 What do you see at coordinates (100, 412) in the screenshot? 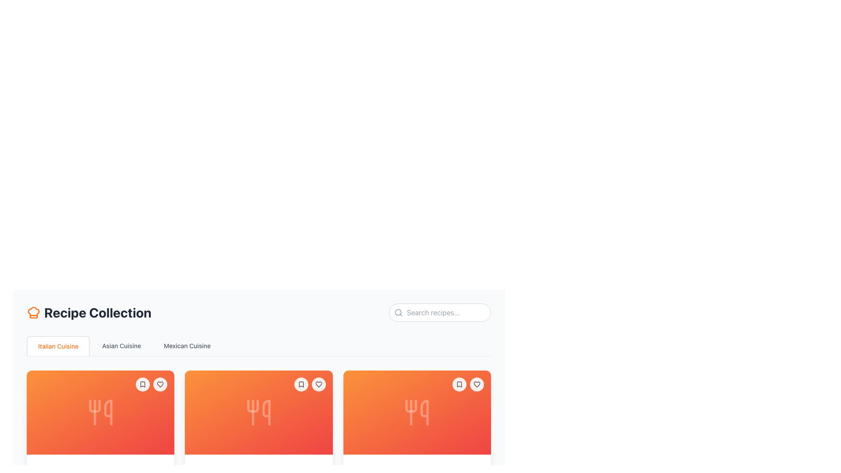
I see `the graphic icon representing a set of utensils, which is styled with a minimalistic, line-based design and located in the upper portion of the first recipe card` at bounding box center [100, 412].